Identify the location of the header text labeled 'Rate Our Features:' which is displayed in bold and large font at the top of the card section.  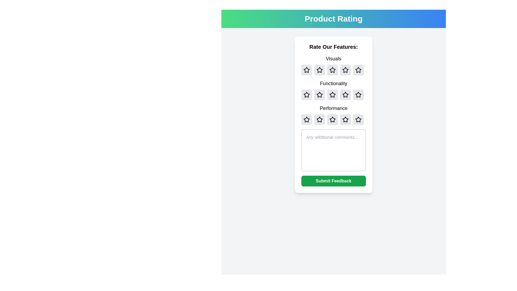
(333, 46).